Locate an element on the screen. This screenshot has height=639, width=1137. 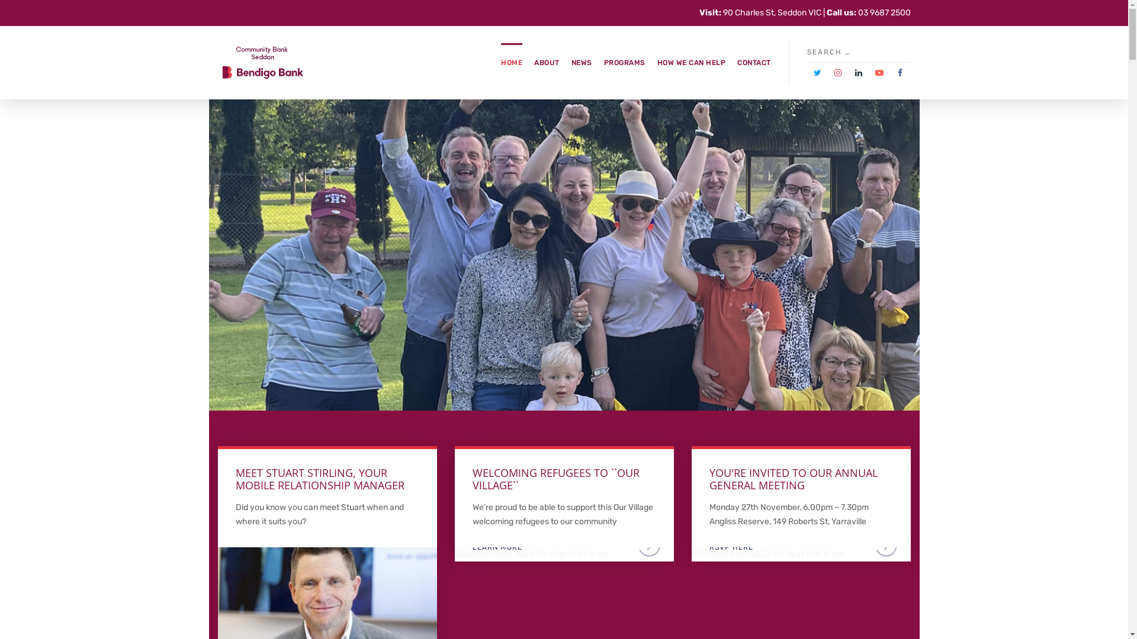
'YOU'RE INVITED TO OUR ANNUAL GENERAL MEETING' is located at coordinates (793, 478).